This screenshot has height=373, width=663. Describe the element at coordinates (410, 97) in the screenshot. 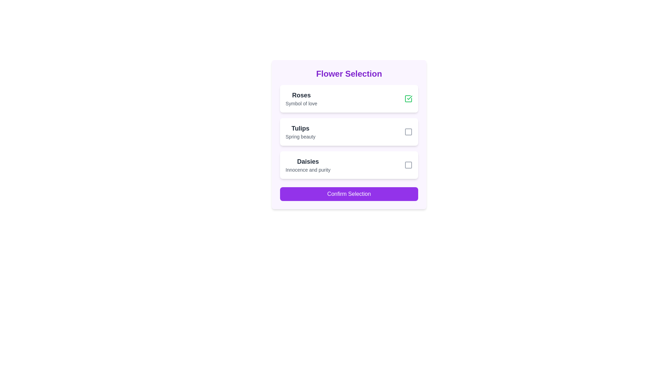

I see `the visual state of the green checkmark icon located in the top-right corner of the 'Roses' listing, adjacent to its descriptive text` at that location.